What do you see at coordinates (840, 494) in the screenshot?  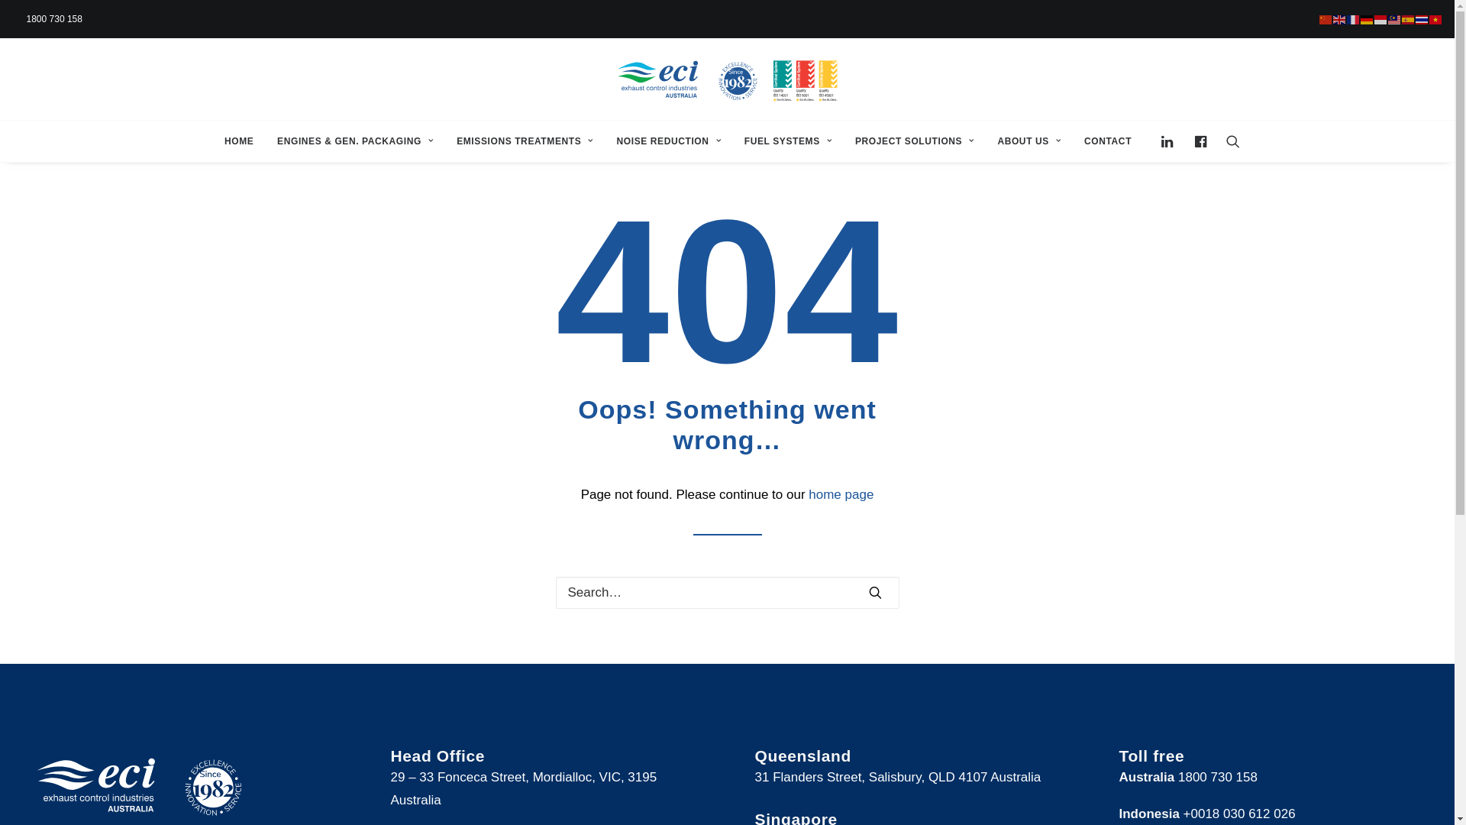 I see `'home page'` at bounding box center [840, 494].